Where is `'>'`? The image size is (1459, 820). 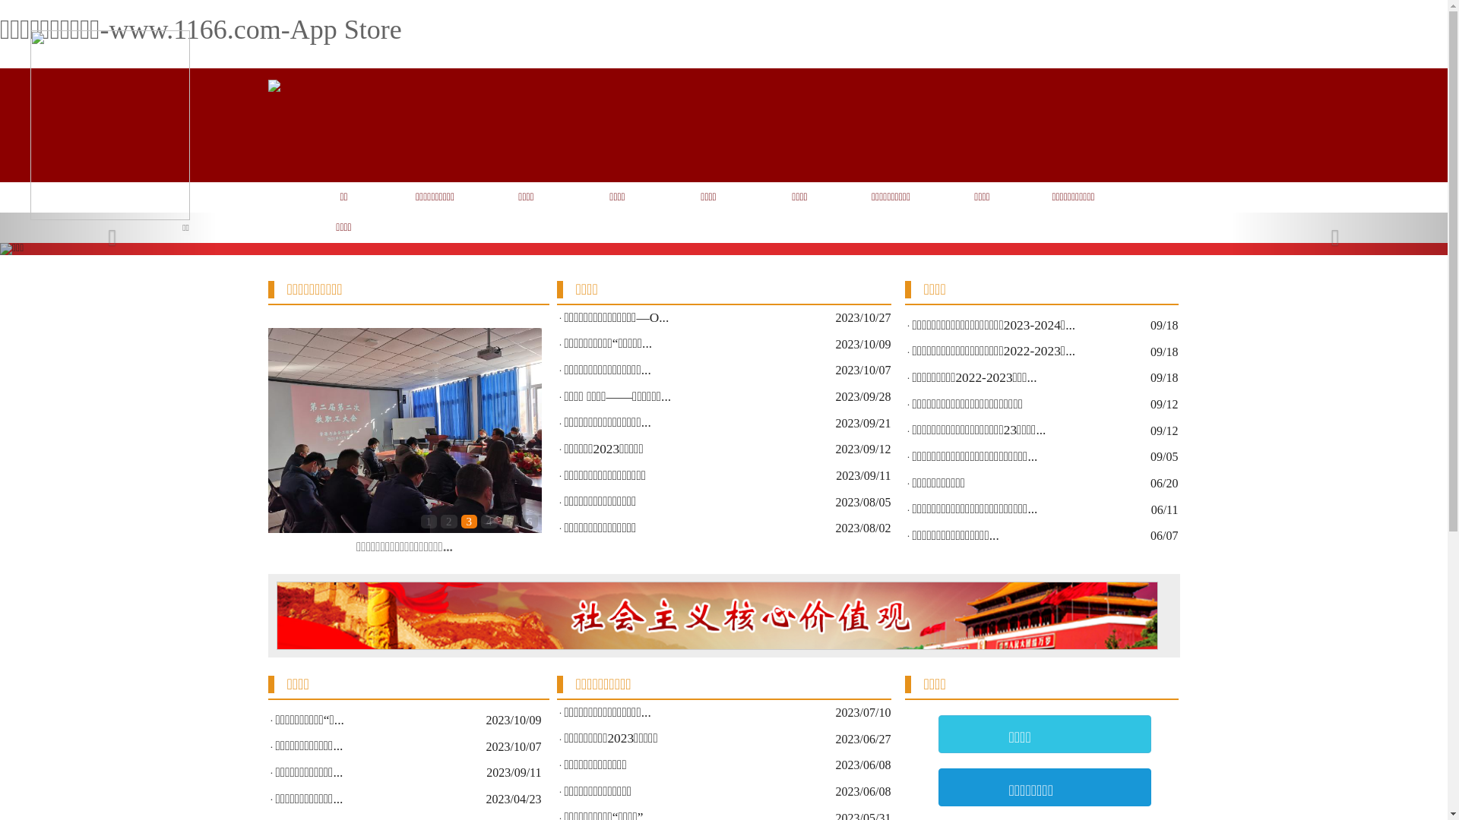
'>' is located at coordinates (525, 442).